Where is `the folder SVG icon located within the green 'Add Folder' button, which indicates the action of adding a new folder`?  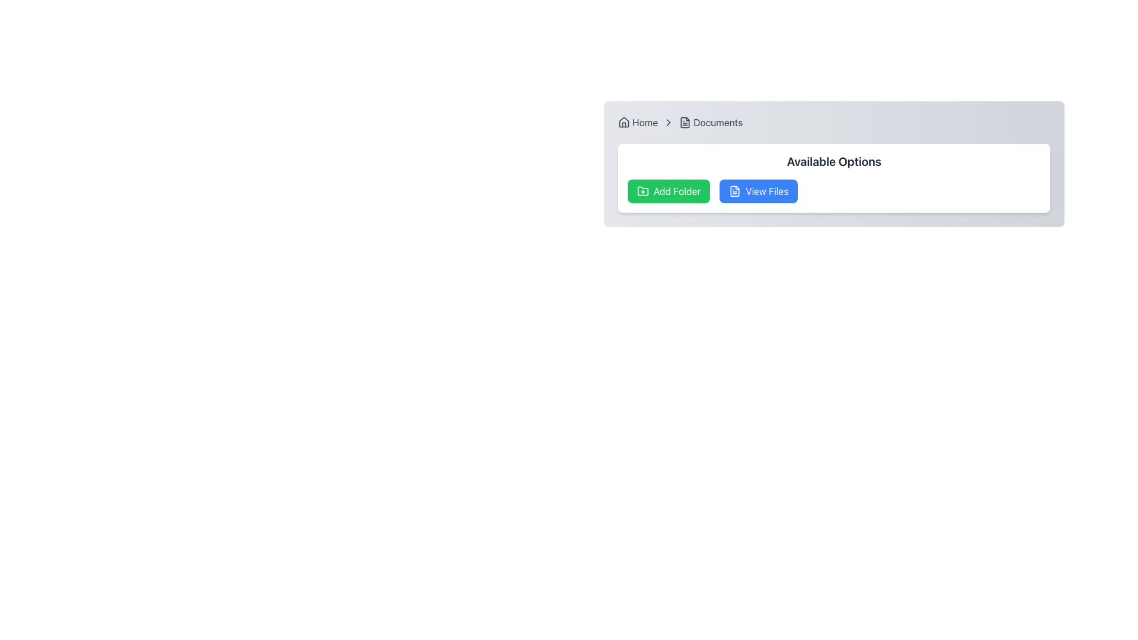 the folder SVG icon located within the green 'Add Folder' button, which indicates the action of adding a new folder is located at coordinates (642, 190).